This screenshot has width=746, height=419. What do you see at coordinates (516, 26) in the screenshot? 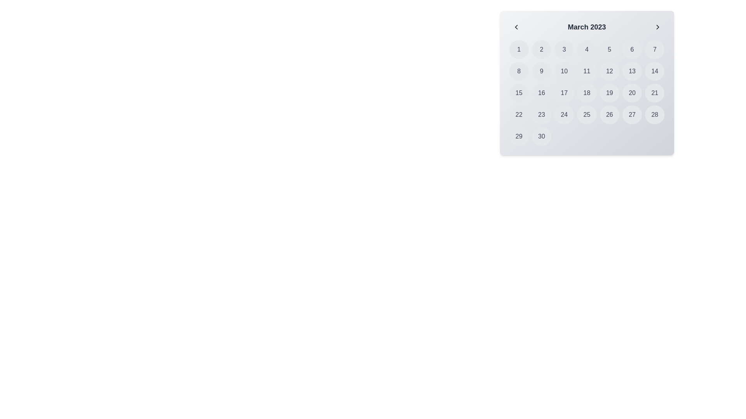
I see `the navigation button located at the top-left corner of the calendar widget` at bounding box center [516, 26].